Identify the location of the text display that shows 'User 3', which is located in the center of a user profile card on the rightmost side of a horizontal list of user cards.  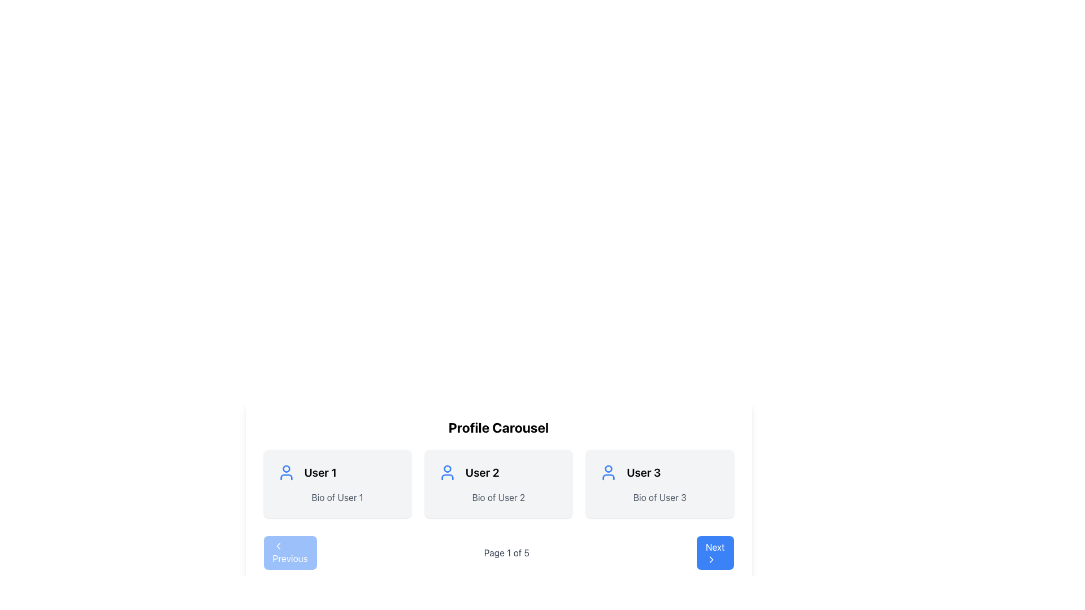
(644, 473).